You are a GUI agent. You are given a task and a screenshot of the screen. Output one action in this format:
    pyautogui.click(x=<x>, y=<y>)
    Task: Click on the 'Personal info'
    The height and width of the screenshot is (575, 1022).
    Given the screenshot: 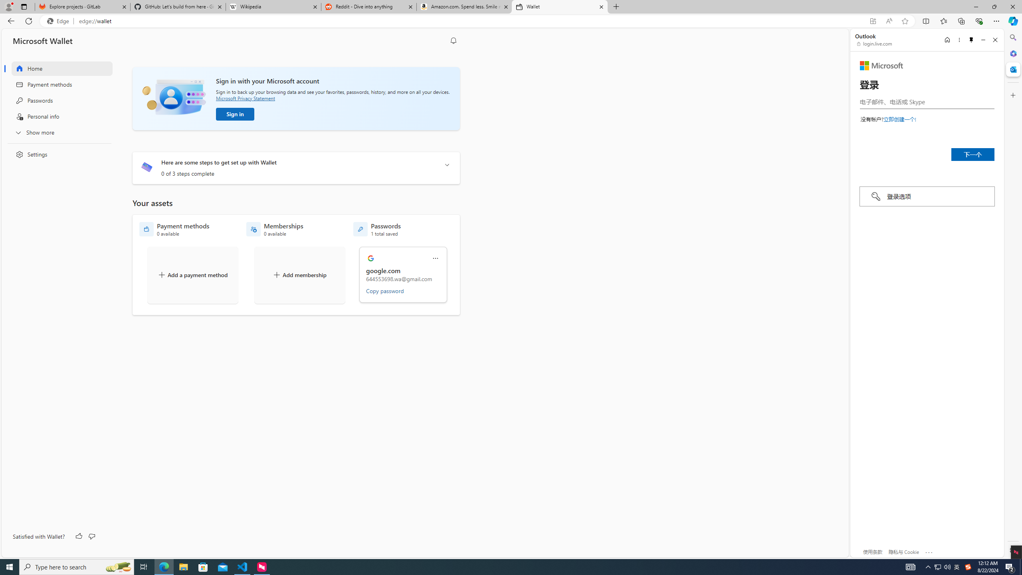 What is the action you would take?
    pyautogui.click(x=57, y=116)
    